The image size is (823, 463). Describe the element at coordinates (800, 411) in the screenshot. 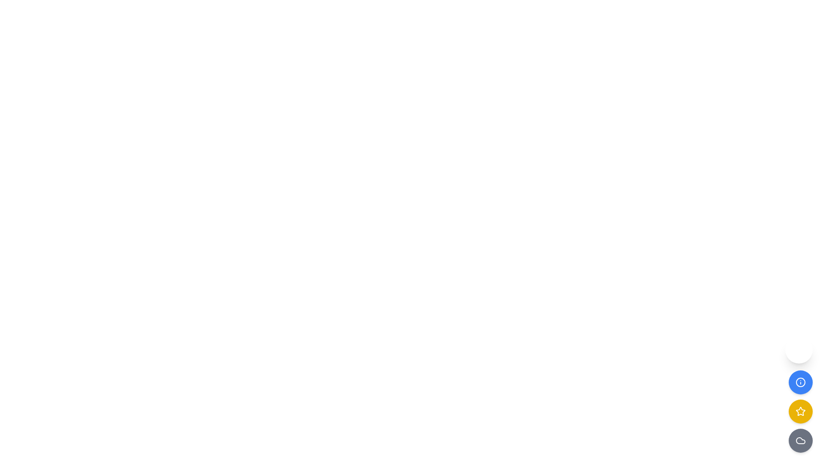

I see `the circular button with a yellow background and a white star icon` at that location.